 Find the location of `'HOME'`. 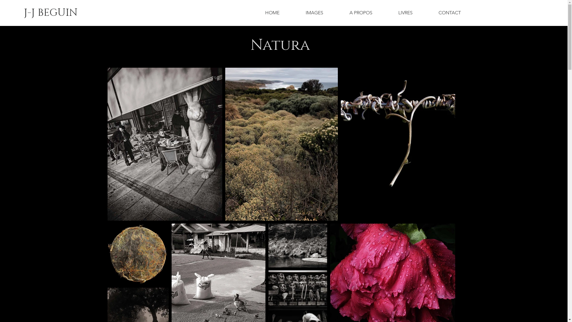

'HOME' is located at coordinates (272, 13).